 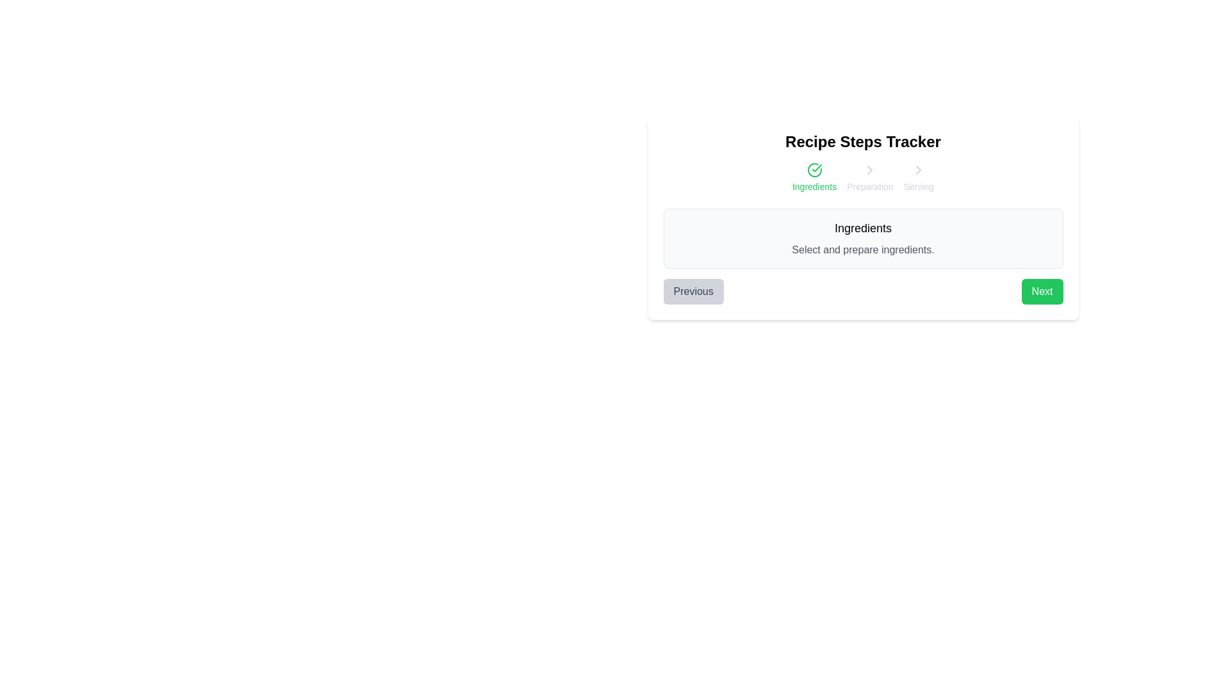 I want to click on text content of the 'Ingredients' label displayed in green font, which is positioned below a checkmark icon in the progress tracker section, so click(x=814, y=187).